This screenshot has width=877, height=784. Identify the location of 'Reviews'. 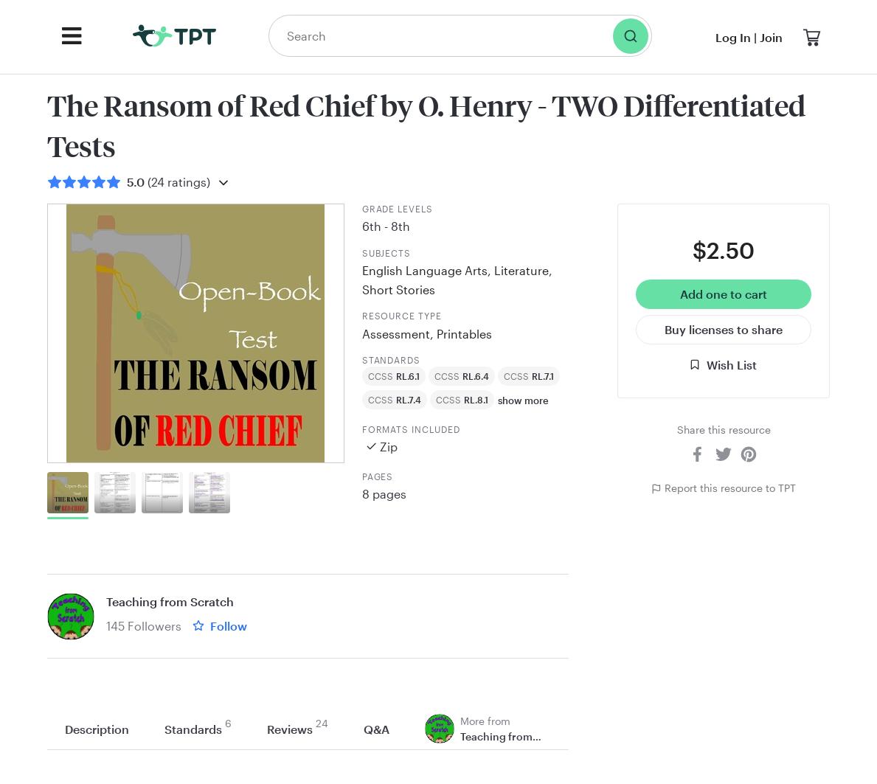
(288, 727).